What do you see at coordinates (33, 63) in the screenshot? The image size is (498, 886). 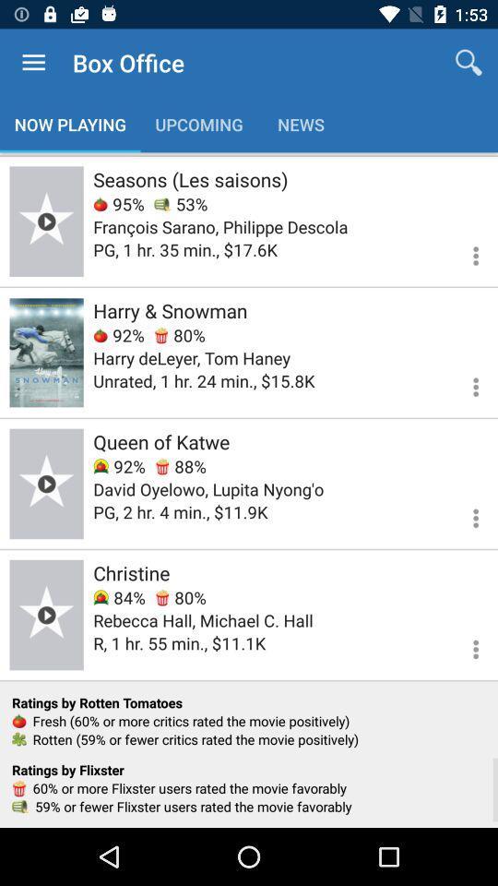 I see `the app to the left of the box office` at bounding box center [33, 63].